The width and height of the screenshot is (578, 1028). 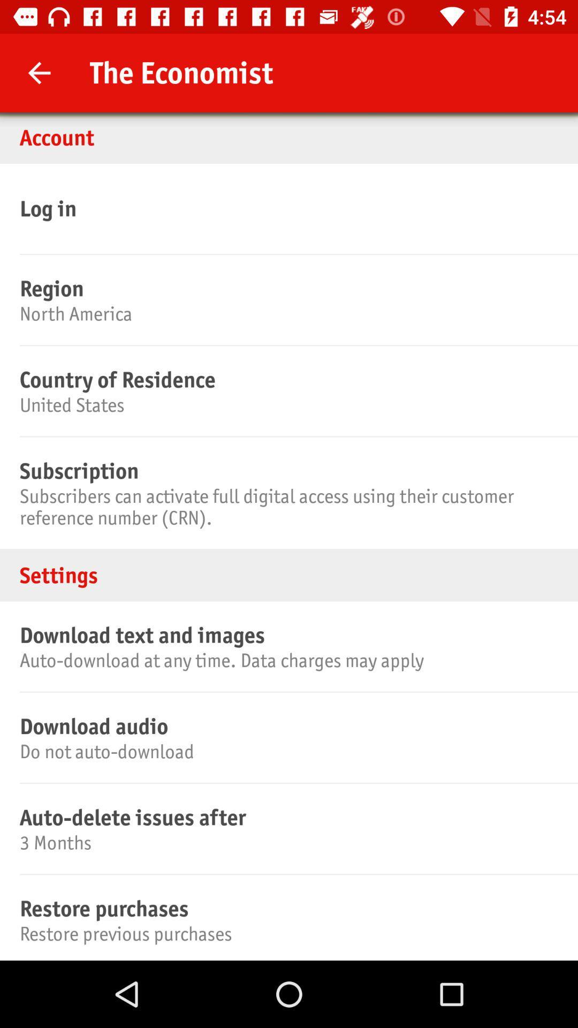 What do you see at coordinates (287, 635) in the screenshot?
I see `icon below settings` at bounding box center [287, 635].